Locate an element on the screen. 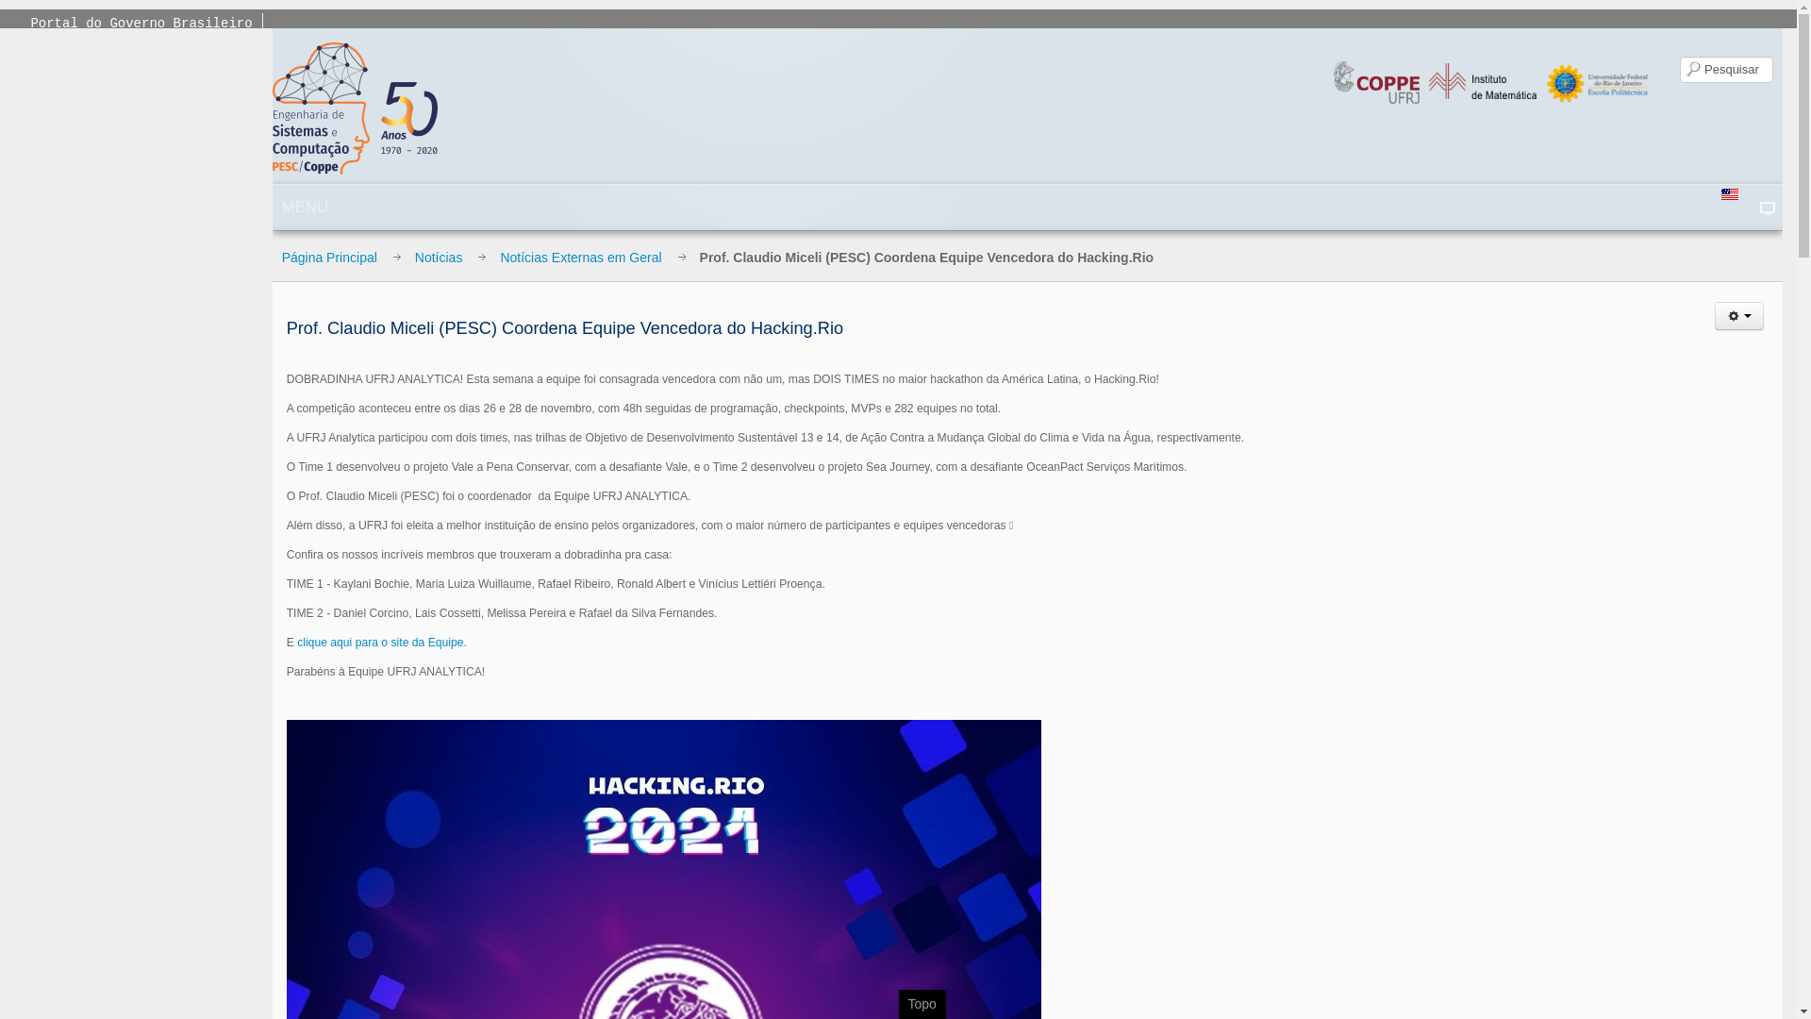 This screenshot has height=1019, width=1811. 'English version' is located at coordinates (1729, 193).